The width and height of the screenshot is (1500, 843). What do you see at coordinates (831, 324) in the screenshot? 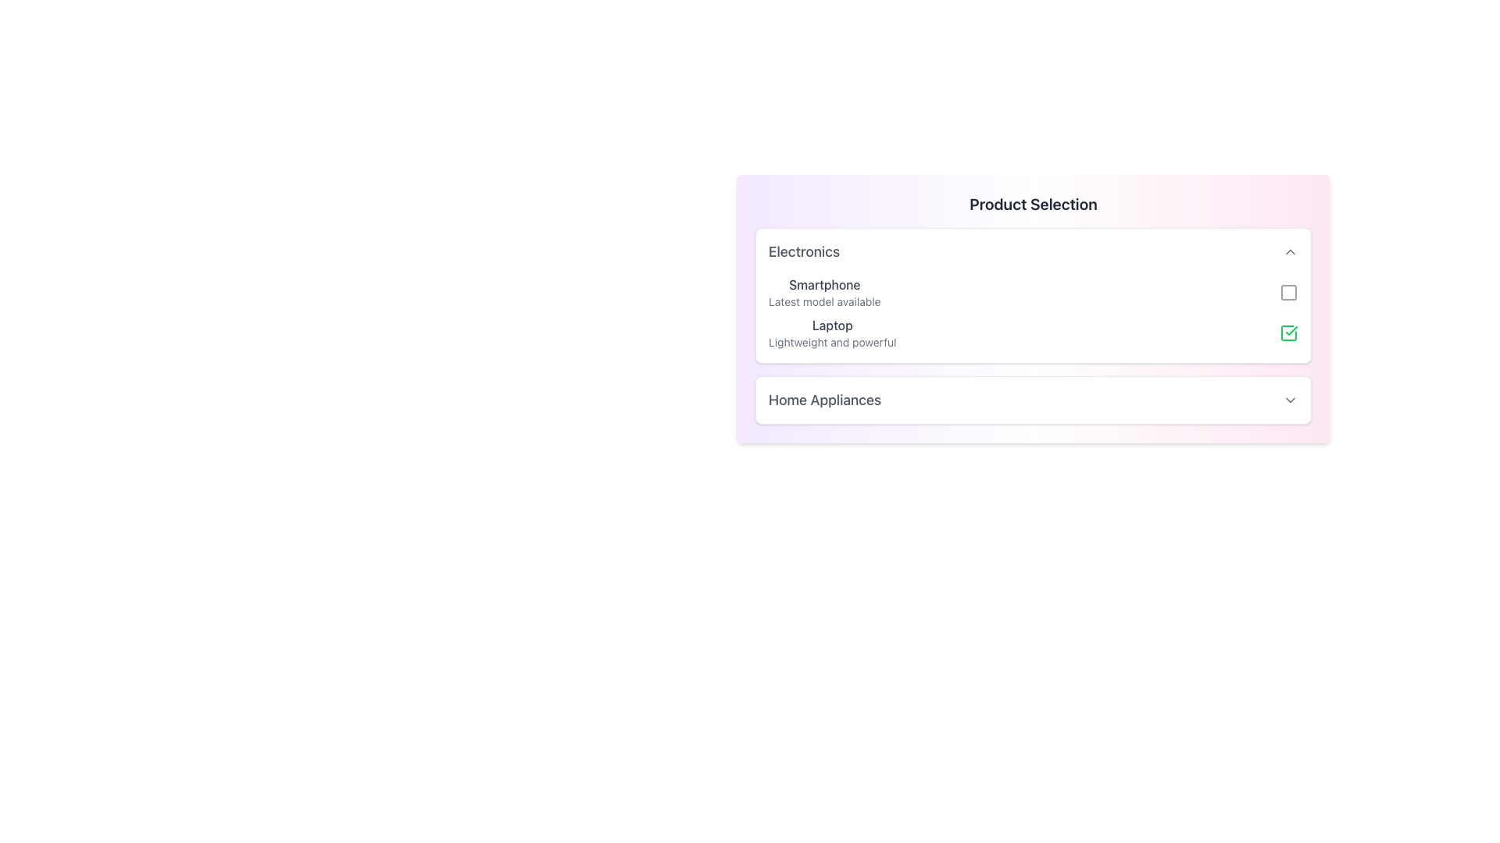
I see `the 'Laptop' text label, which serves as a visual identifier for the product category within the 'Electronics' section` at bounding box center [831, 324].